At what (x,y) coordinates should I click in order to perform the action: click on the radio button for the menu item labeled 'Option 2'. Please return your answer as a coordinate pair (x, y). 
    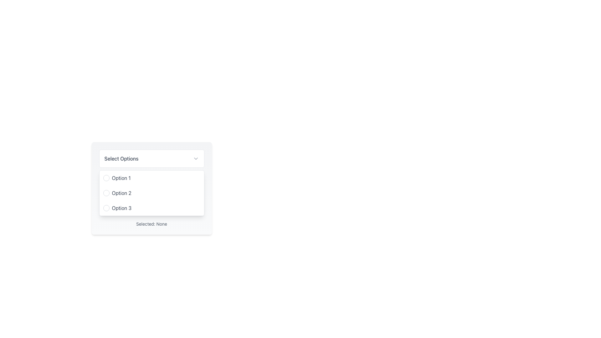
    Looking at the image, I should click on (106, 193).